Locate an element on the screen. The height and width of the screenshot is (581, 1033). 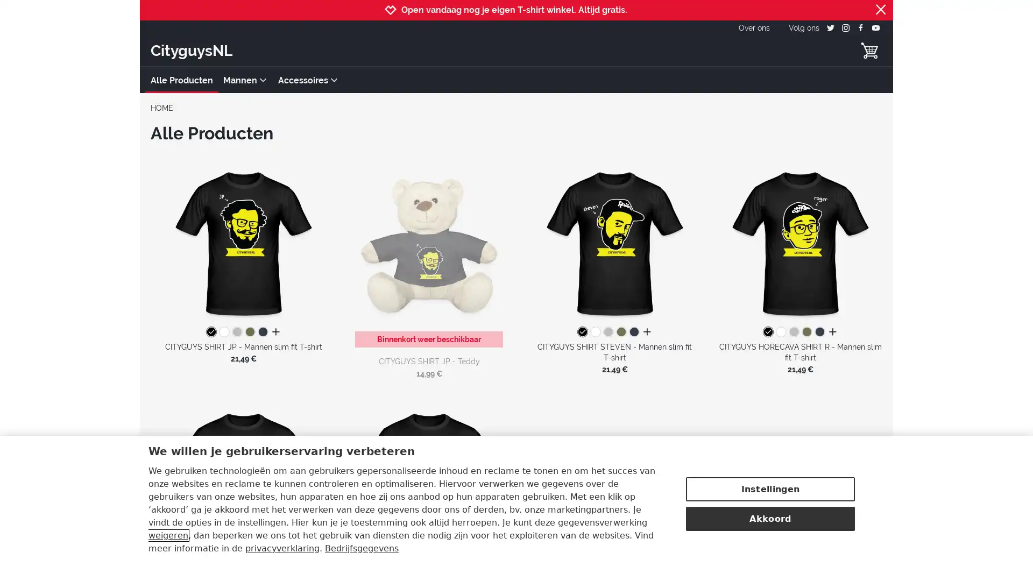
zwart is located at coordinates (767, 332).